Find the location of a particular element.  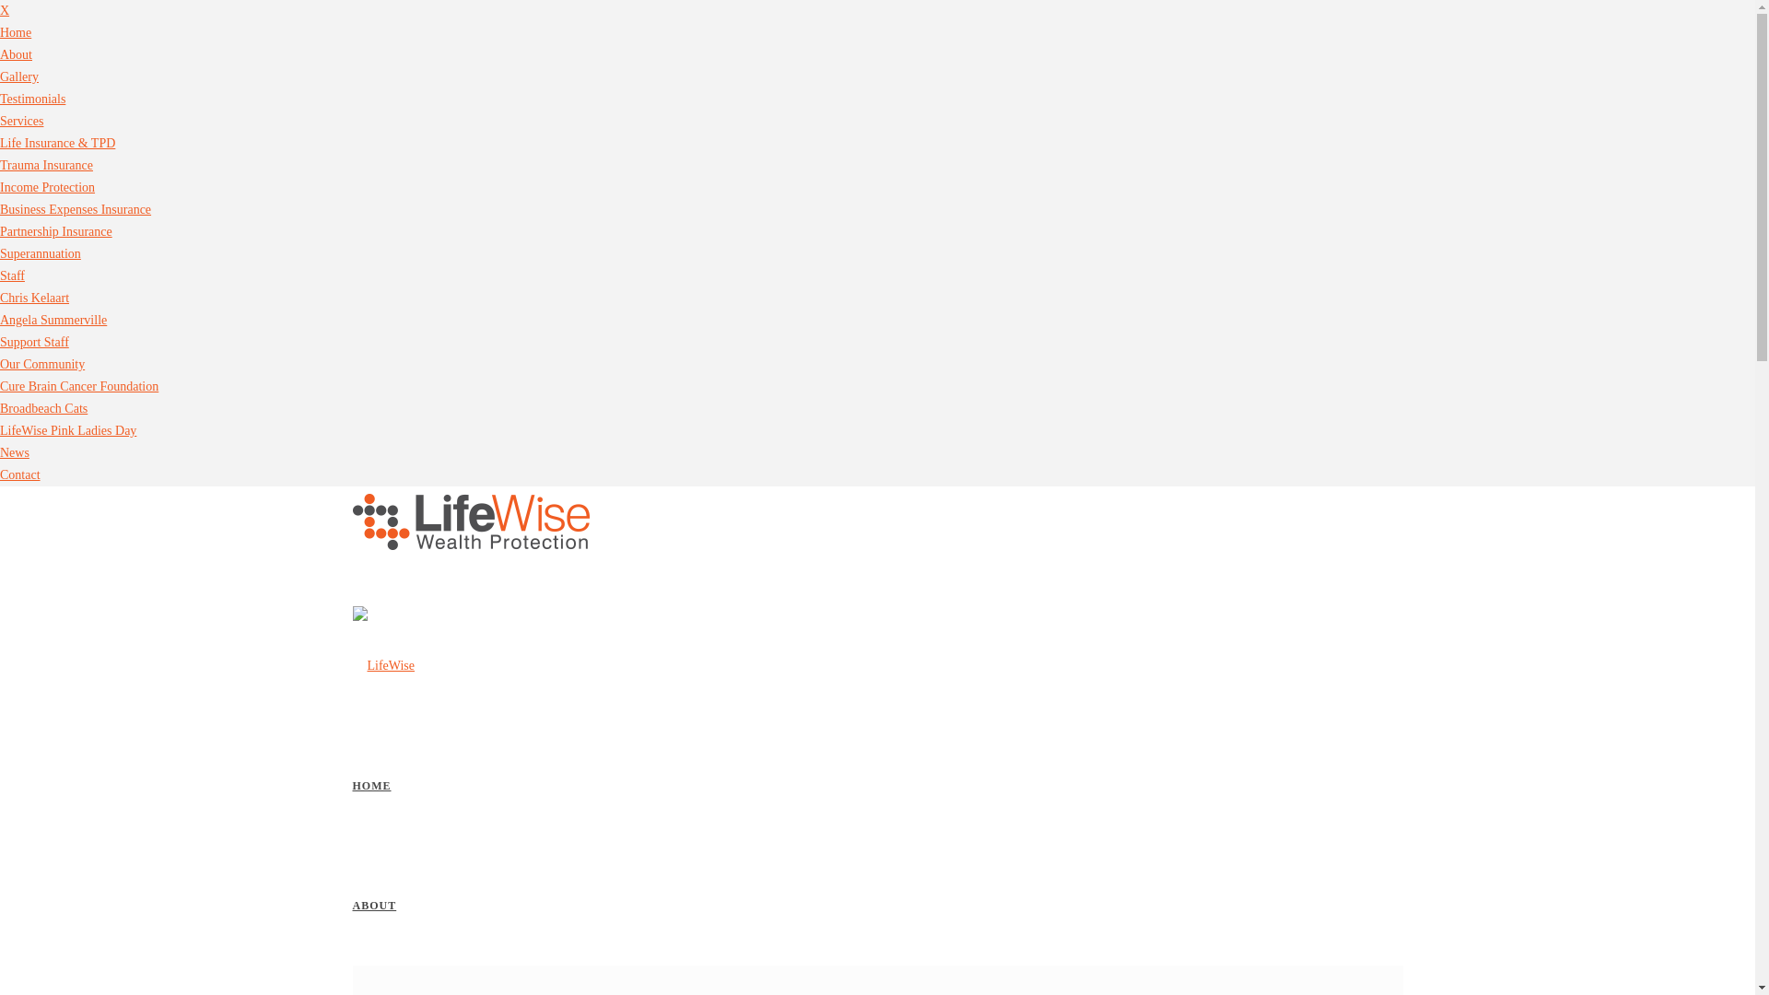

'Testimonials' is located at coordinates (32, 99).